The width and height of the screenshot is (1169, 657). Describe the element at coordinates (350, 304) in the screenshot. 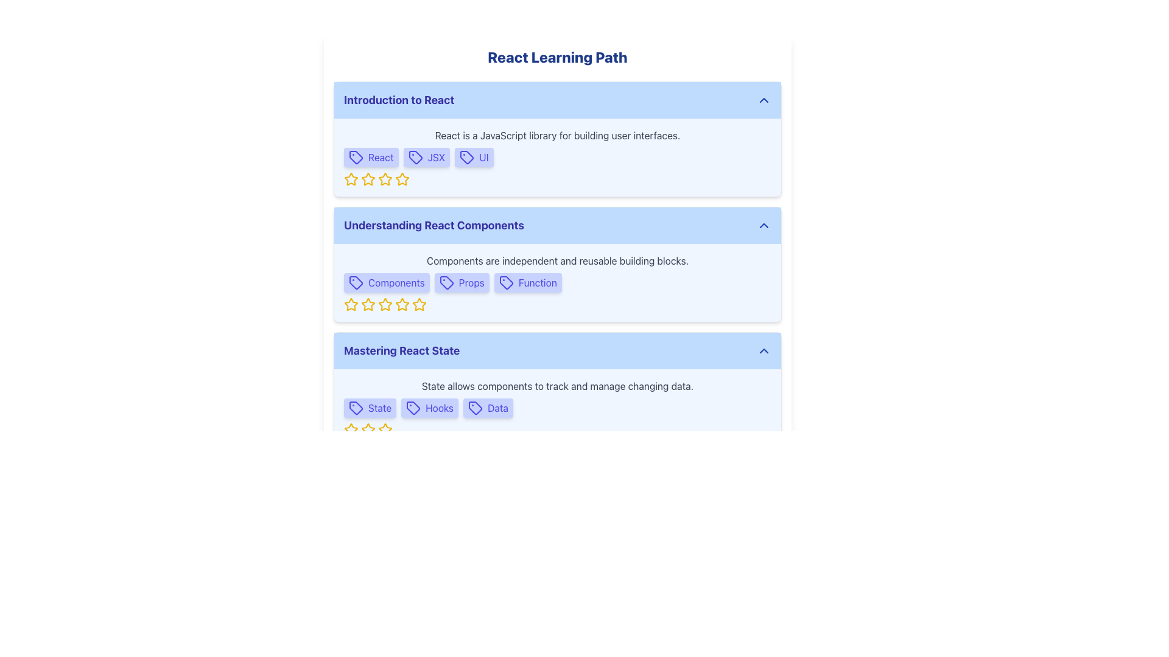

I see `the first star rating icon in the horizontal five-star rating system for the 'Understanding React Components' section` at that location.